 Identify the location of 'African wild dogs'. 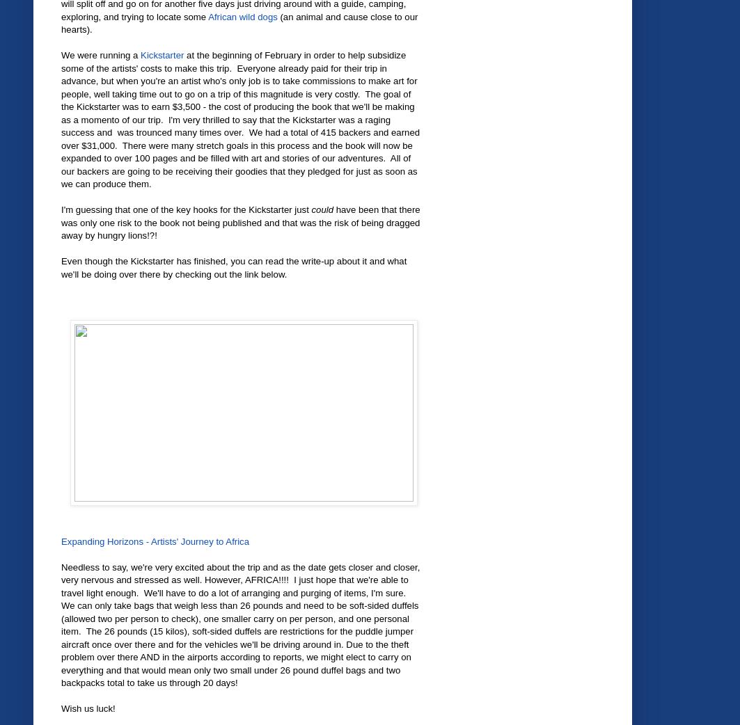
(242, 15).